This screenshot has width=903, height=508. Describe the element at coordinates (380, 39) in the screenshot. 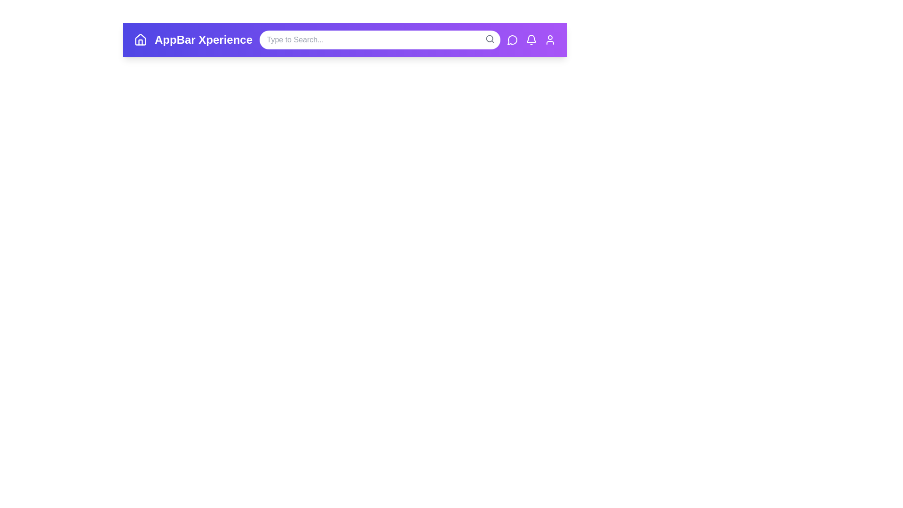

I see `the search bar and type the text 'example'` at that location.